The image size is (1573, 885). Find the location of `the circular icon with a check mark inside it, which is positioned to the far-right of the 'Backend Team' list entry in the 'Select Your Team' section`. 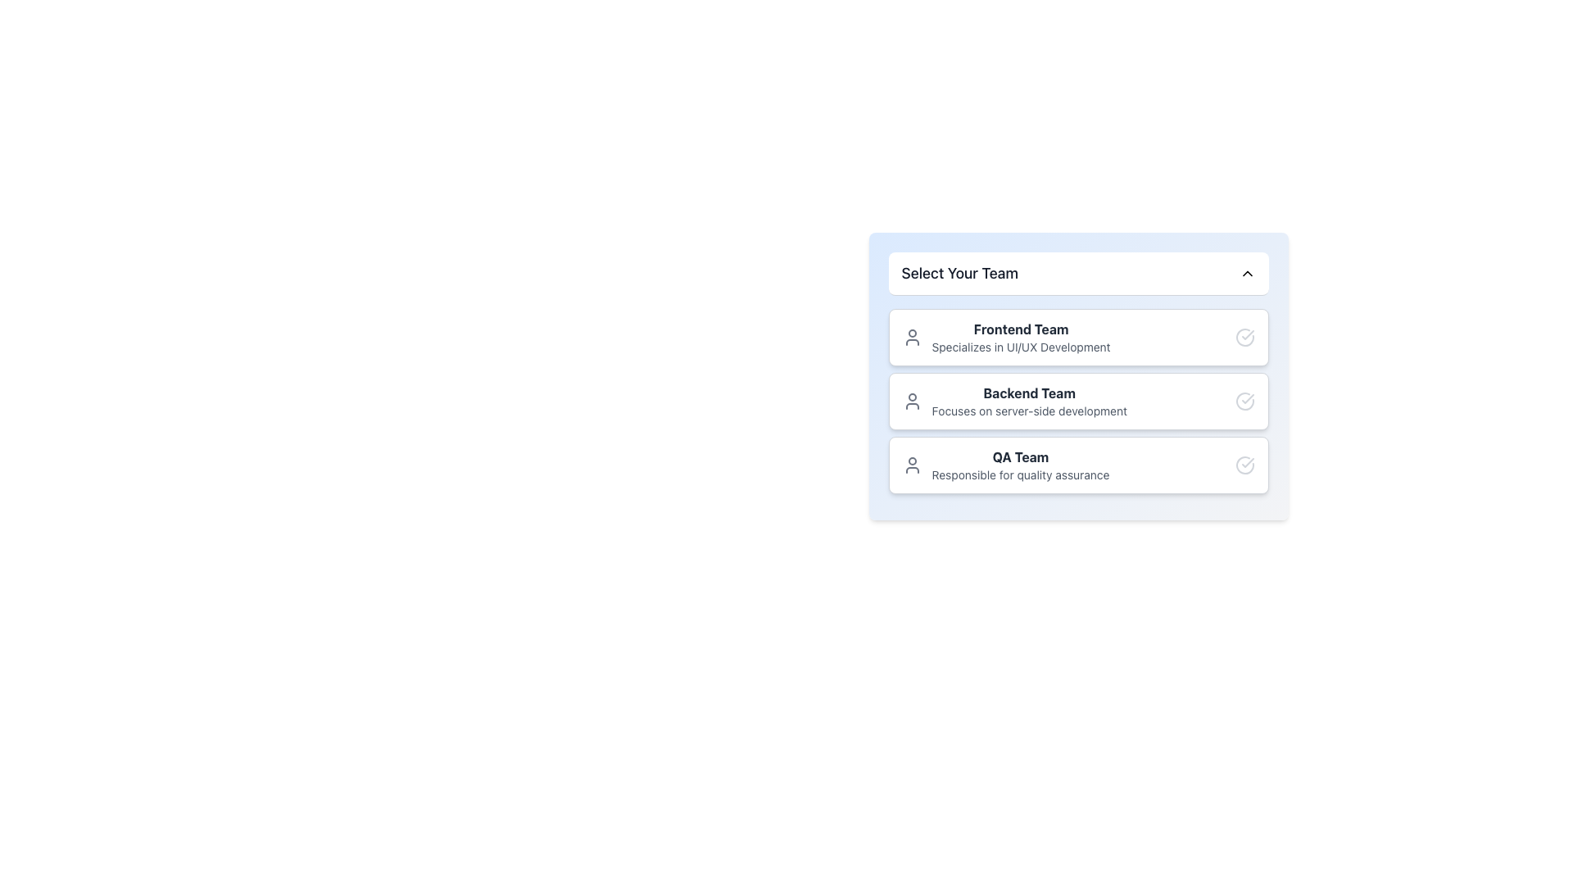

the circular icon with a check mark inside it, which is positioned to the far-right of the 'Backend Team' list entry in the 'Select Your Team' section is located at coordinates (1244, 401).